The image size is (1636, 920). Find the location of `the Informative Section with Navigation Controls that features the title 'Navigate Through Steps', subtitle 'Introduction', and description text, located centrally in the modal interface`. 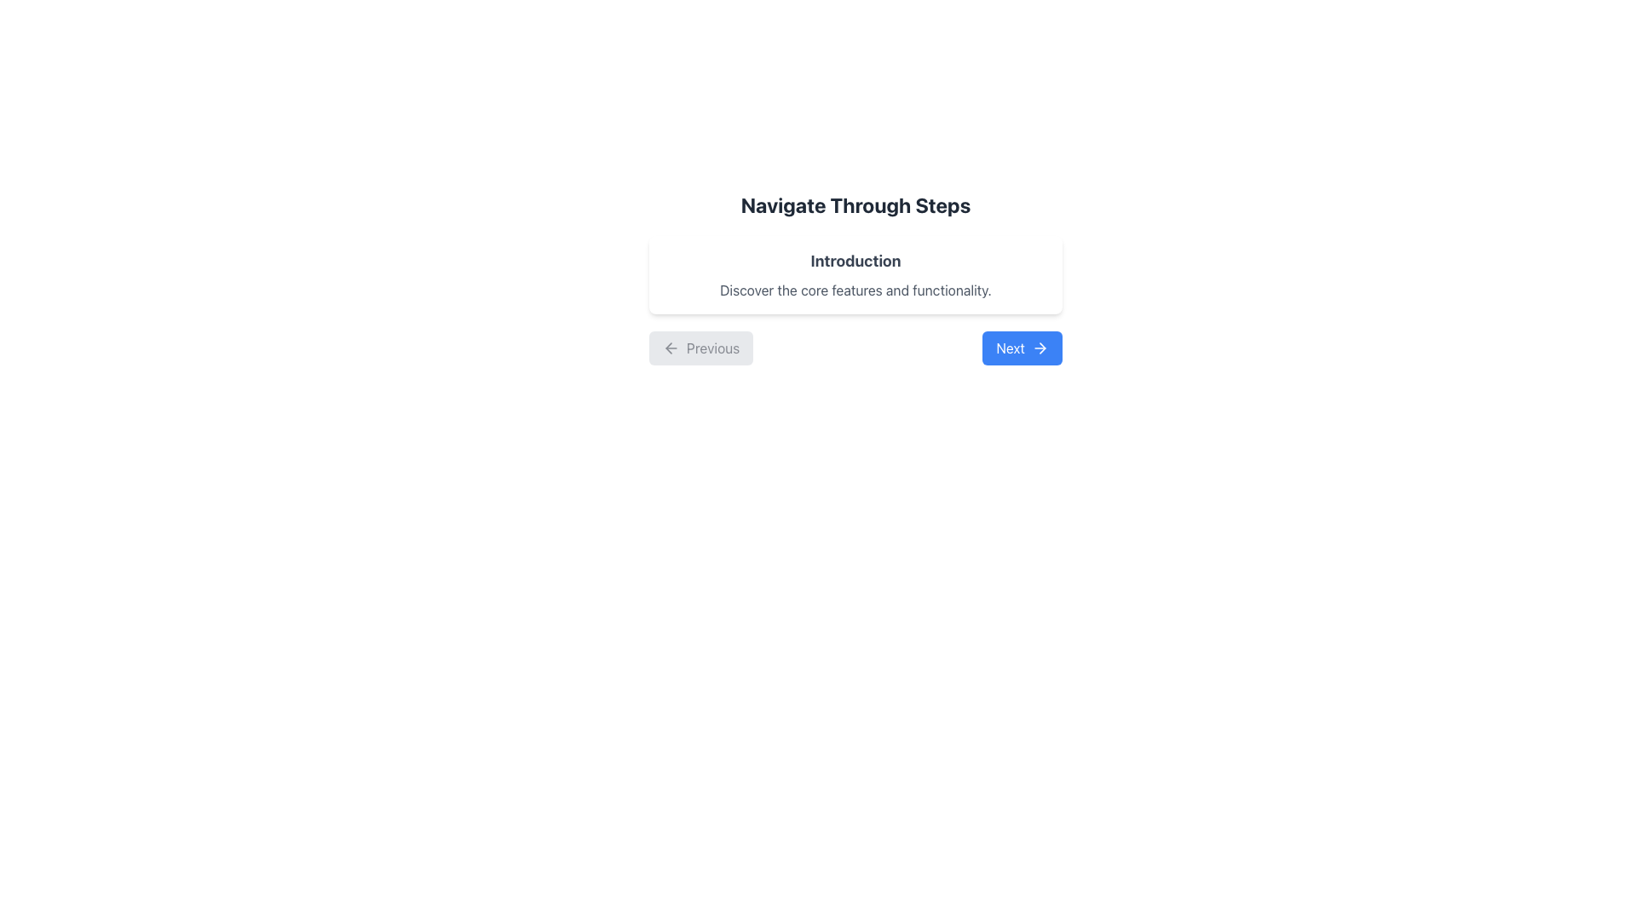

the Informative Section with Navigation Controls that features the title 'Navigate Through Steps', subtitle 'Introduction', and description text, located centrally in the modal interface is located at coordinates (855, 278).